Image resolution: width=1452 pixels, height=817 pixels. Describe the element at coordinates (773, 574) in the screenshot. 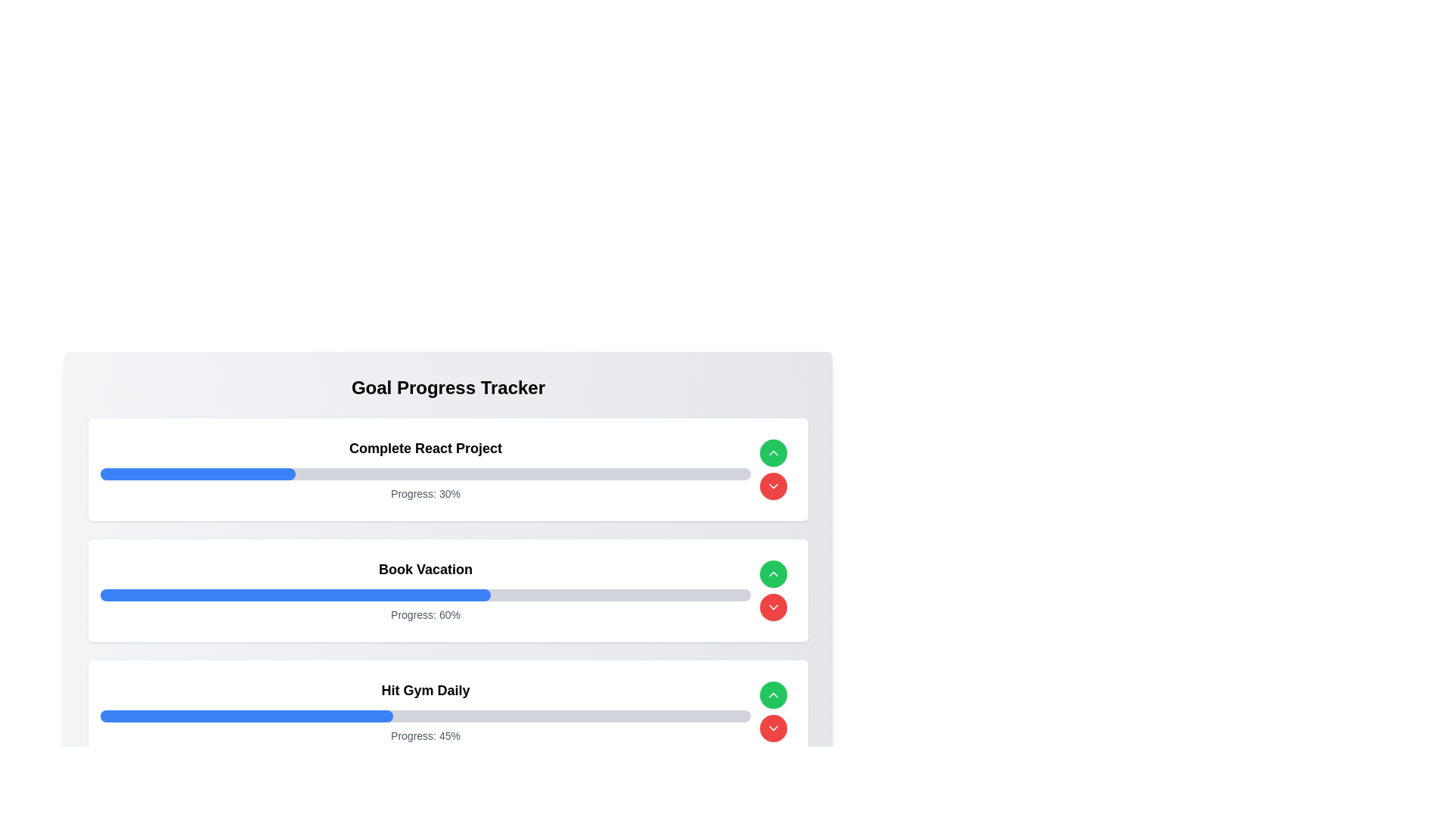

I see `the increase icon located at the top-right corner of the 'Book Vacation' task card, which is inside a green circular button` at that location.